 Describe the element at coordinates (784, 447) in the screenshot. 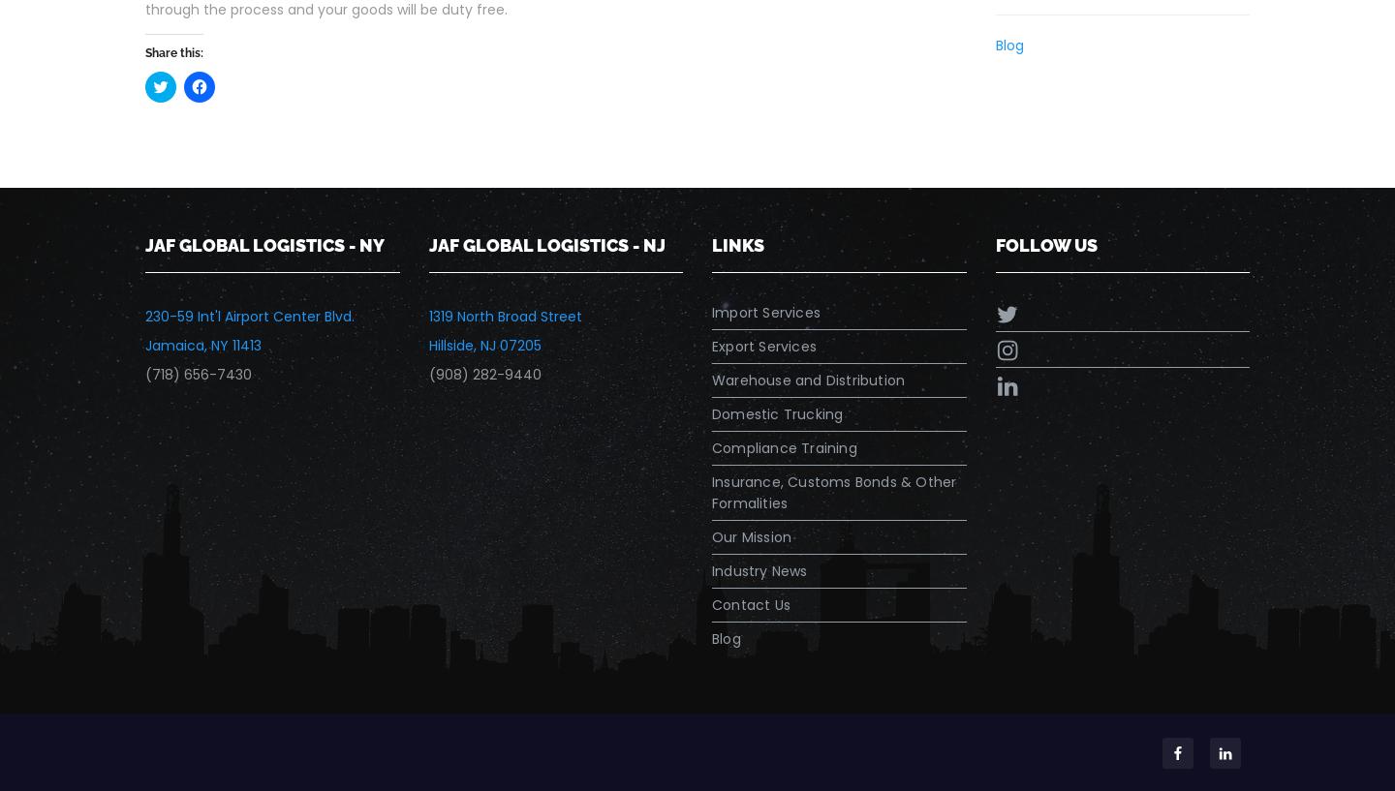

I see `'Compliance Training'` at that location.